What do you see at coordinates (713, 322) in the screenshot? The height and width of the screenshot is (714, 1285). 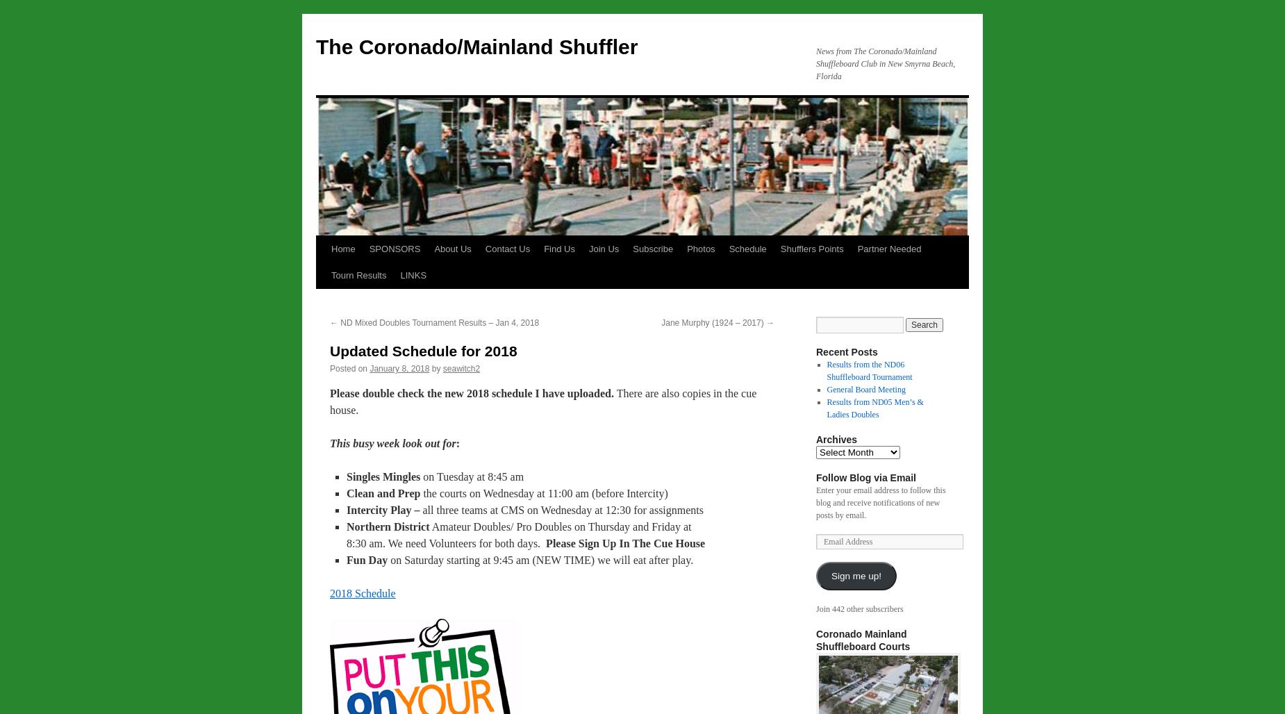 I see `'Jane Murphy (1924 – 2017)'` at bounding box center [713, 322].